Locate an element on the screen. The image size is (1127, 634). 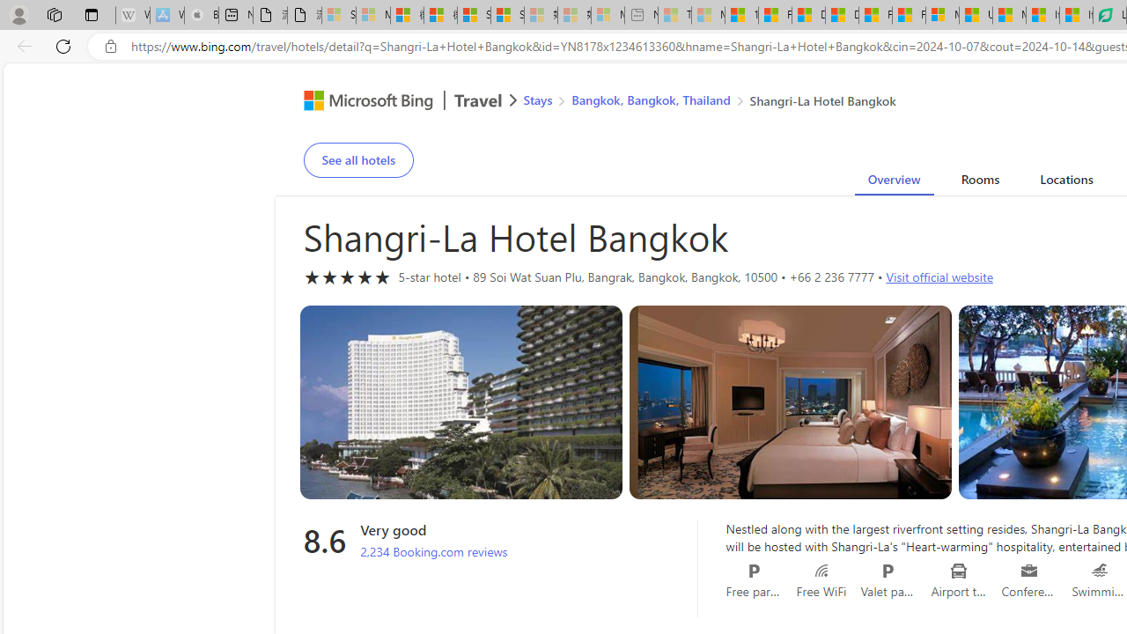
'Free parking' is located at coordinates (754, 571).